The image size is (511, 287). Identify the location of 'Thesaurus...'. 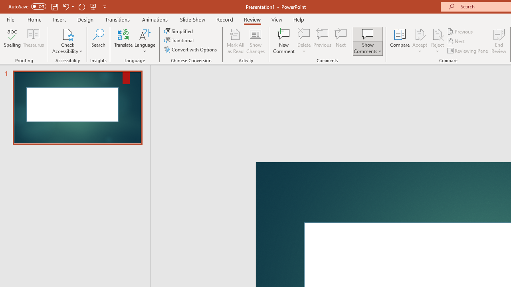
(33, 41).